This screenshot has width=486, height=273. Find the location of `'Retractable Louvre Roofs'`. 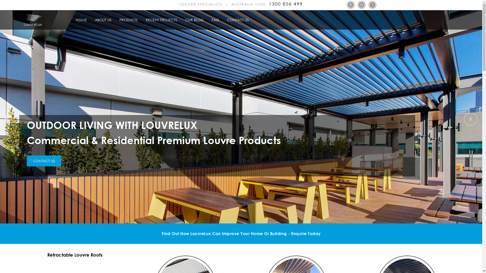

'Retractable Louvre Roofs' is located at coordinates (75, 255).